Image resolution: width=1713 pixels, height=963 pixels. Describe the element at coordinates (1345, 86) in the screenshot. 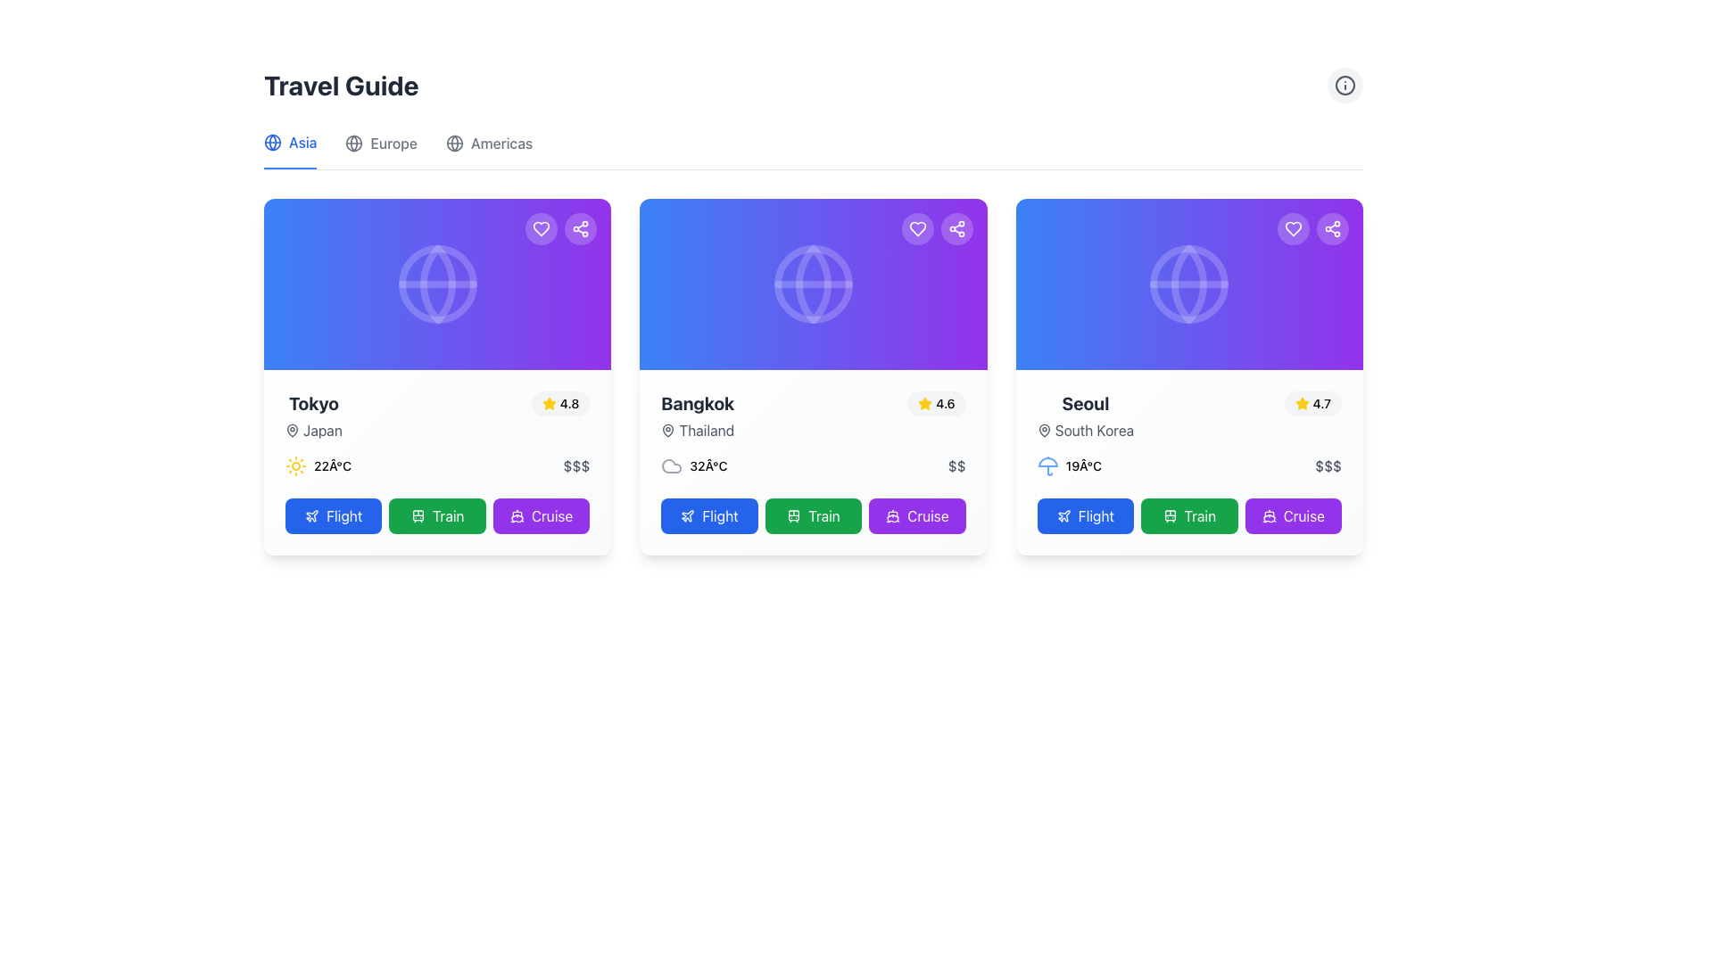

I see `the circular button with a gray background and an information icon` at that location.